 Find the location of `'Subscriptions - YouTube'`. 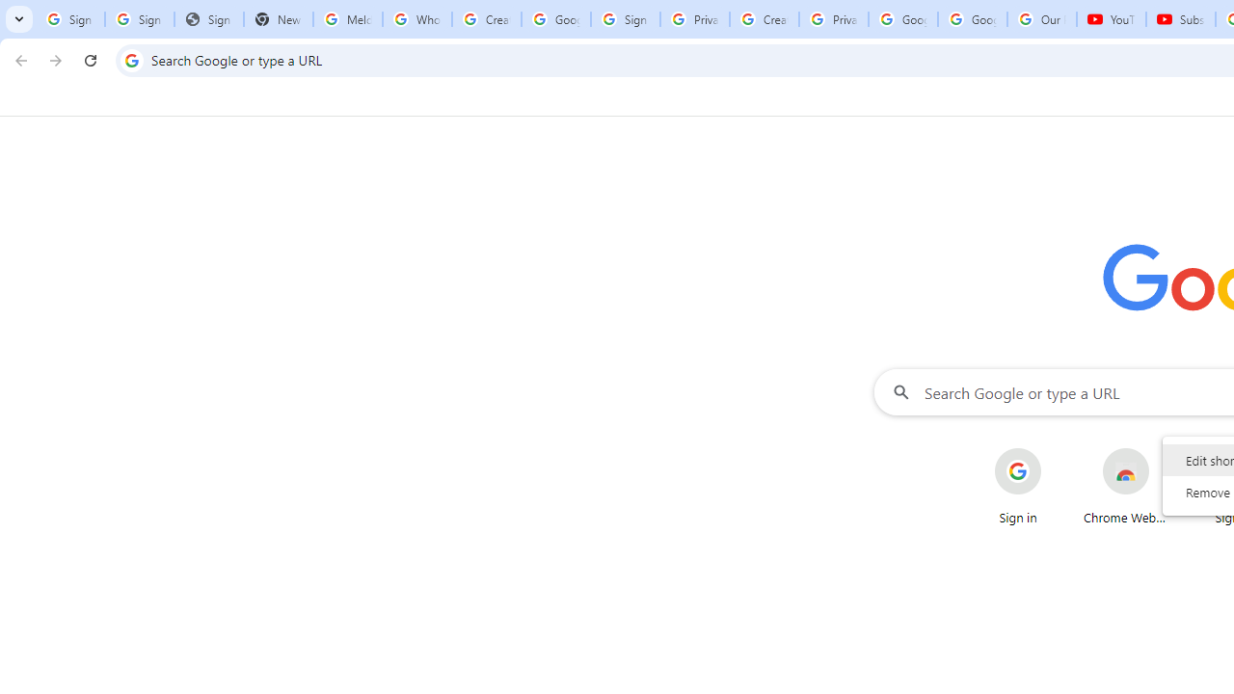

'Subscriptions - YouTube' is located at coordinates (1179, 19).